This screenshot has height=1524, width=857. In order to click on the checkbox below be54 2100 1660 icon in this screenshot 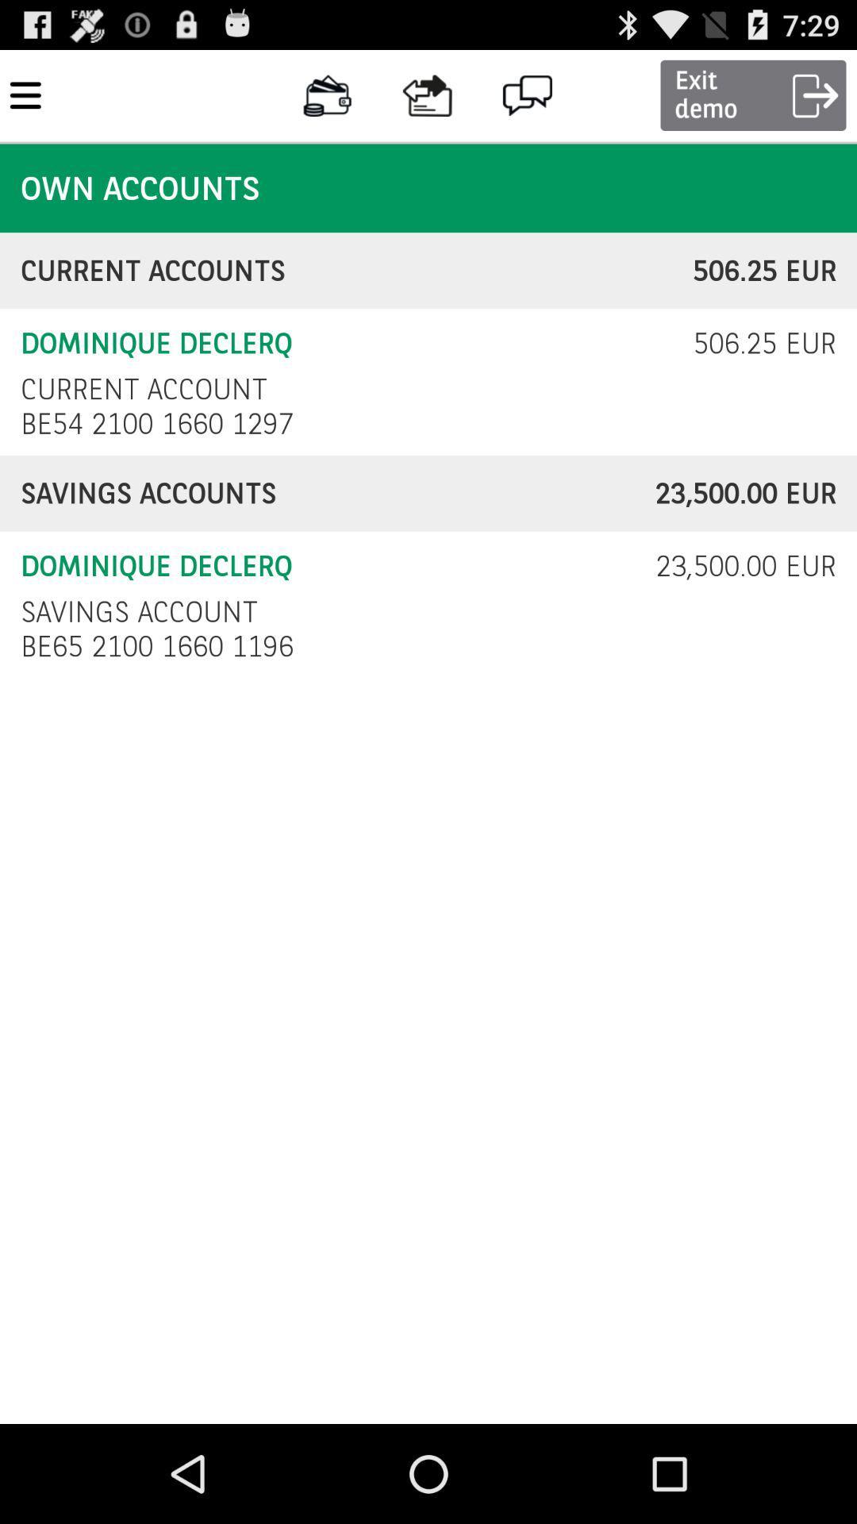, I will do `click(336, 493)`.